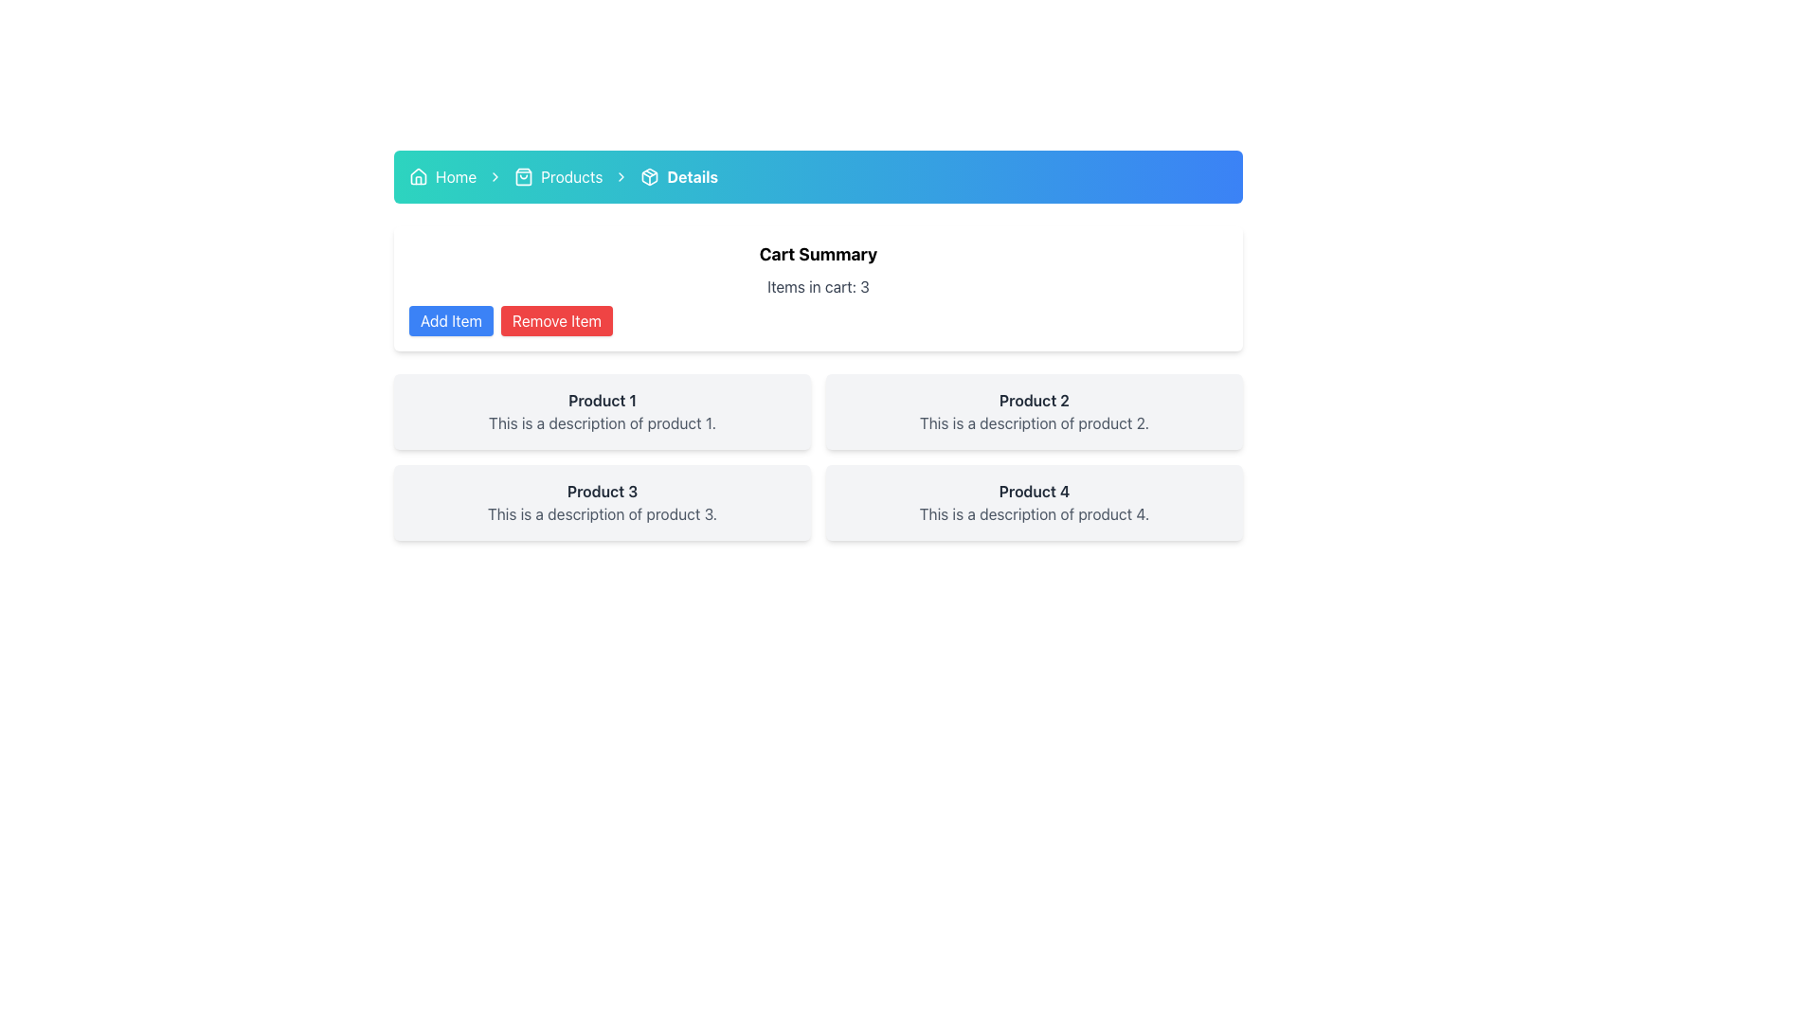  What do you see at coordinates (1033, 514) in the screenshot?
I see `description text displayed in gray font stating 'This is a description of product 4.' located below the title 'Product 4' in the product card` at bounding box center [1033, 514].